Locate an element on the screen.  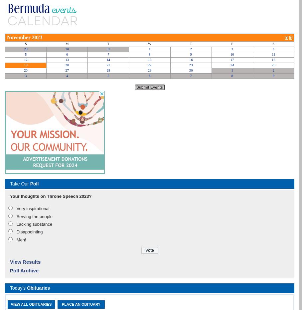
'Your thoughts on Throne Speech 2023?' is located at coordinates (50, 196).